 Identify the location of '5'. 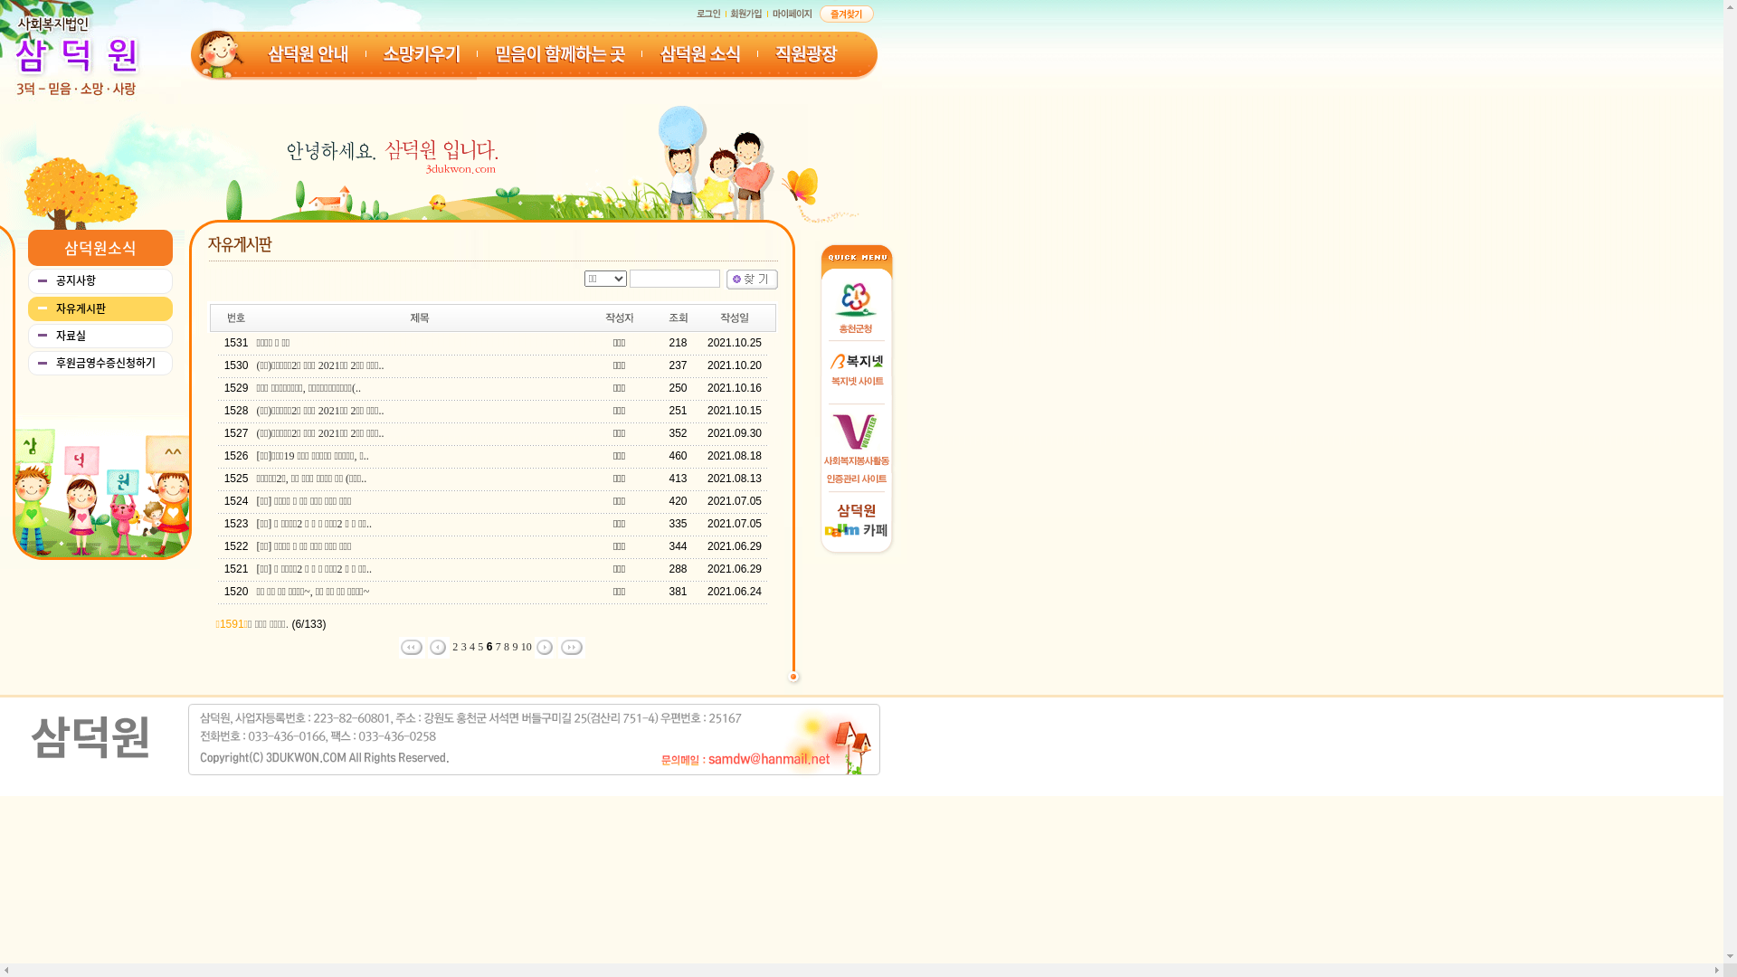
(480, 645).